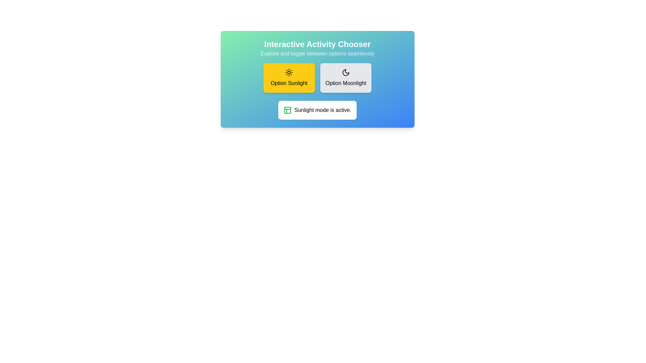  Describe the element at coordinates (287, 110) in the screenshot. I see `the top-left rounded rectangle within the SVG graphic representing the 'Sunlight mode is active' panel` at that location.